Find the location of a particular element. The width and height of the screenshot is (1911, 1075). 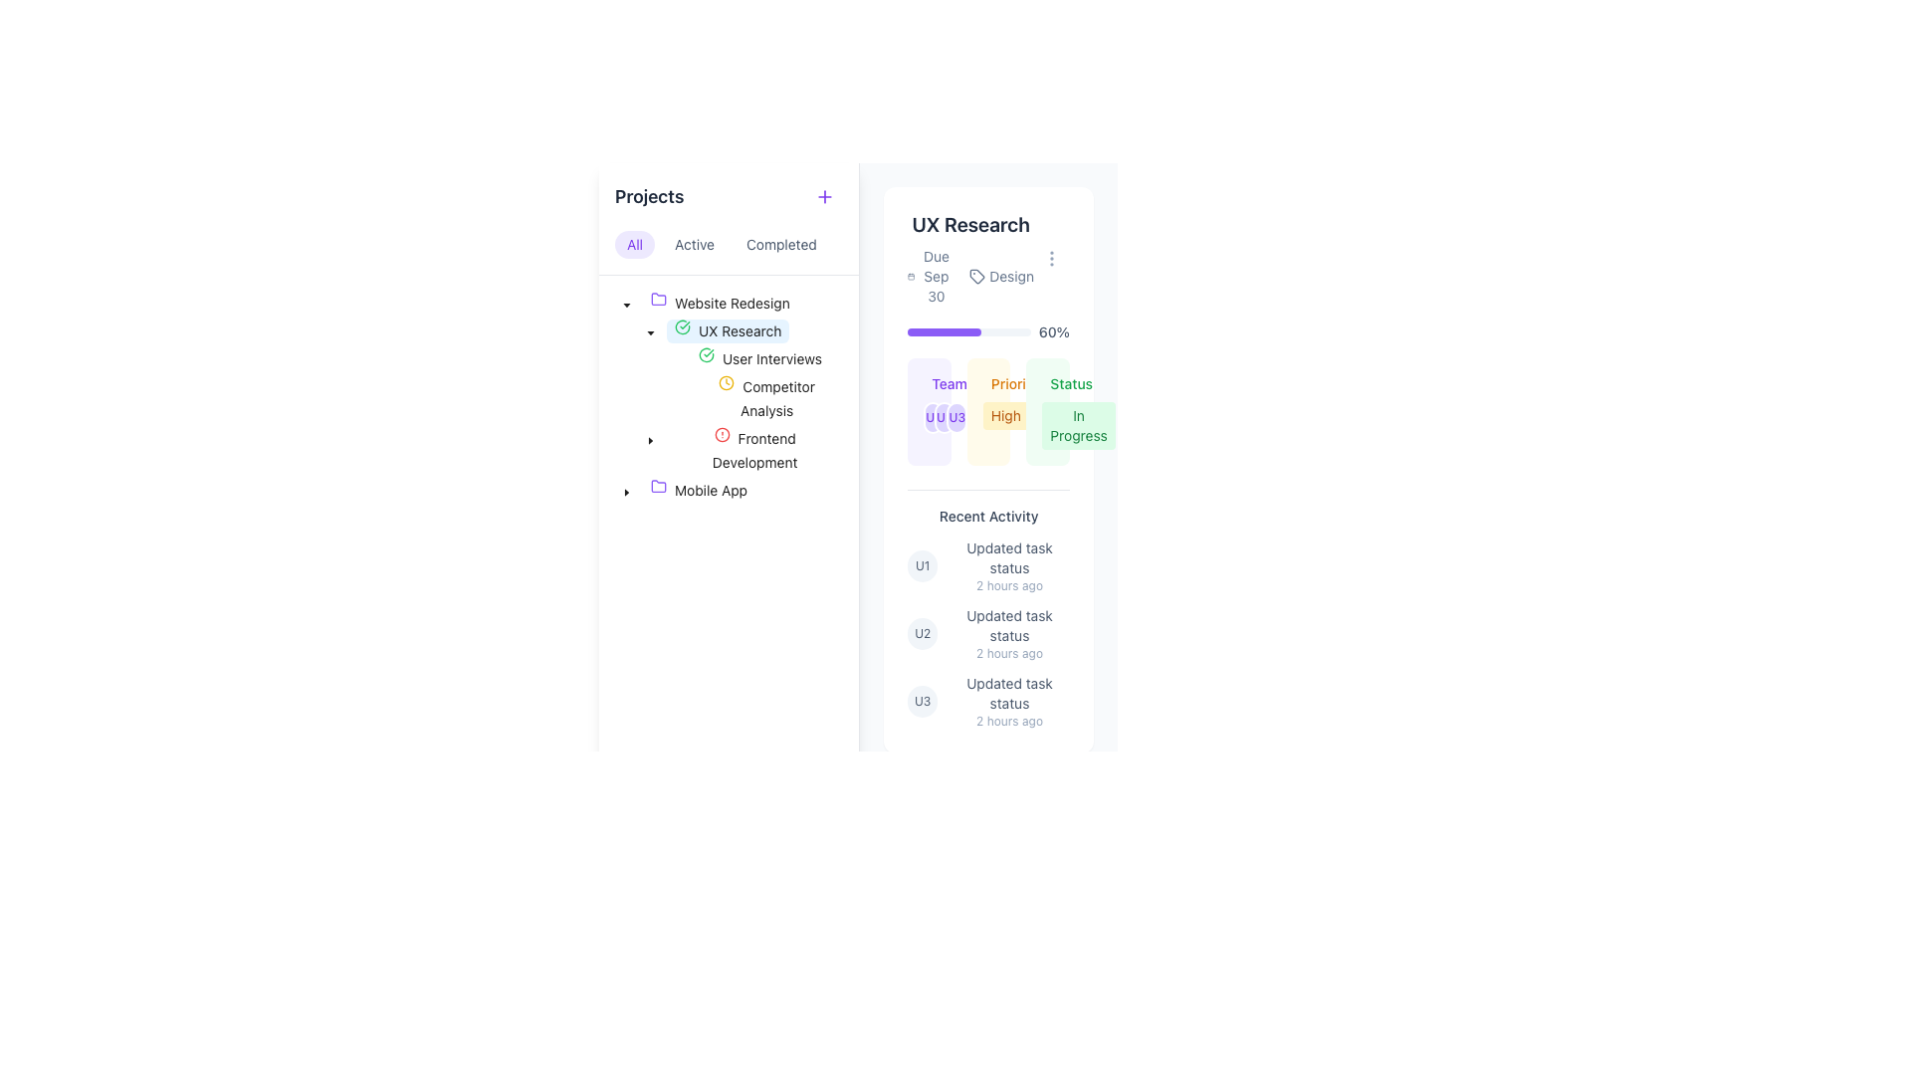

the 'Competitor Analysis' label with icon located under the 'UX Research' node is located at coordinates (765, 399).